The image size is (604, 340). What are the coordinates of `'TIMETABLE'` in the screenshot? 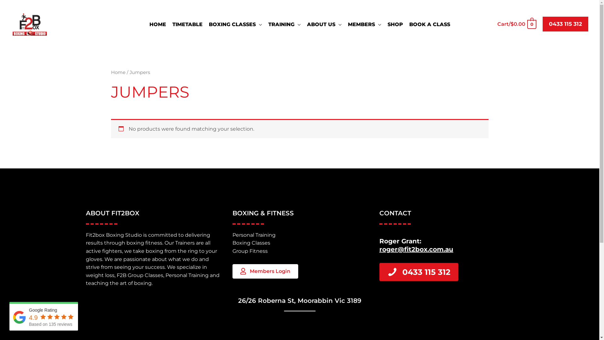 It's located at (187, 24).